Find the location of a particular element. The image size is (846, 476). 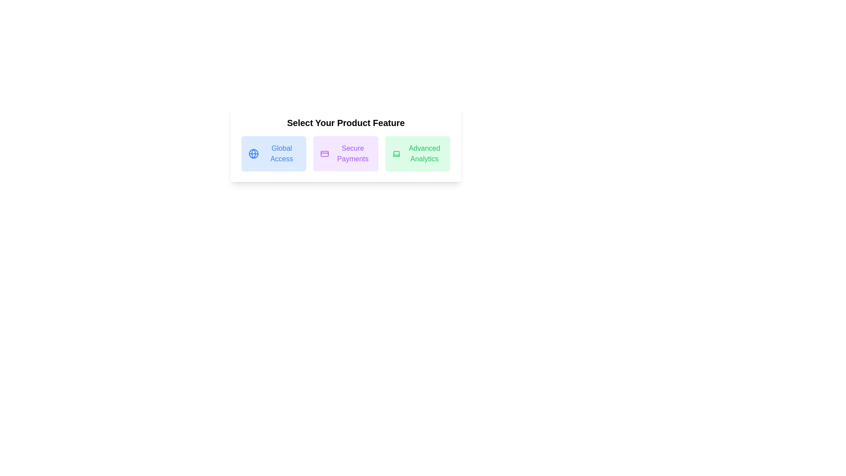

text label that describes the 'Advanced Analytics' feature, located in the rightmost feature card under 'Select Your Product Feature', below the laptop icon is located at coordinates (424, 153).